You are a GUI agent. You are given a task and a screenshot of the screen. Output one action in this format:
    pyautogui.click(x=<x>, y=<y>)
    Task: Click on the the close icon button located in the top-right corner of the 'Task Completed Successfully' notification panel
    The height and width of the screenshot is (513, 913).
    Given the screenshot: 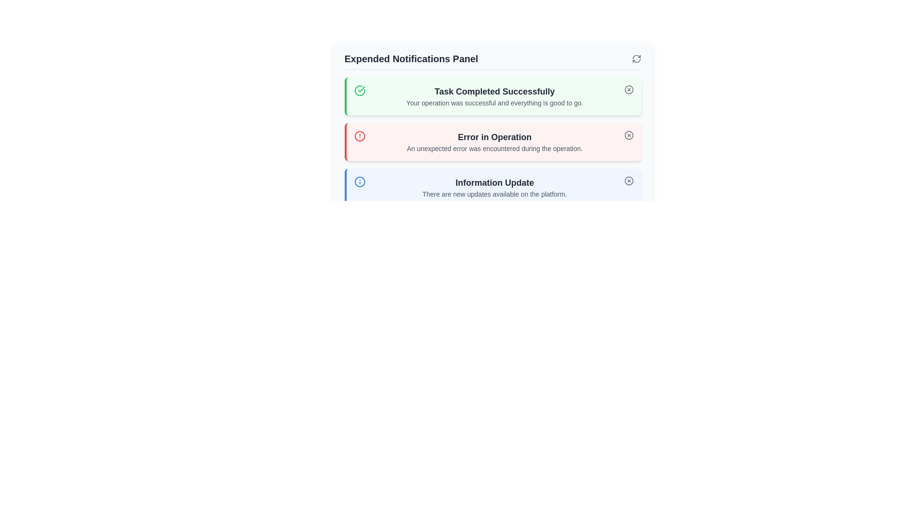 What is the action you would take?
    pyautogui.click(x=629, y=90)
    